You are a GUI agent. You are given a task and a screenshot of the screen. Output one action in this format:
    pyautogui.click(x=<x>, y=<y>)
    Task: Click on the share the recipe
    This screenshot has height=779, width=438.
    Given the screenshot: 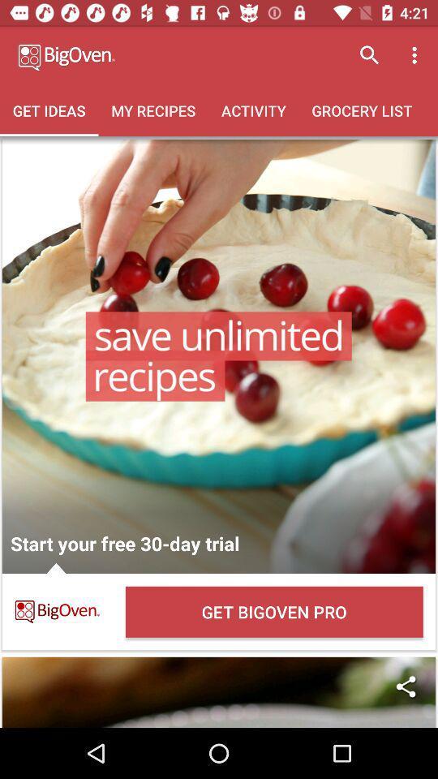 What is the action you would take?
    pyautogui.click(x=219, y=691)
    